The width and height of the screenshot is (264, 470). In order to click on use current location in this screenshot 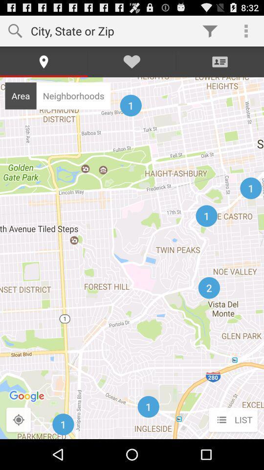, I will do `click(19, 420)`.